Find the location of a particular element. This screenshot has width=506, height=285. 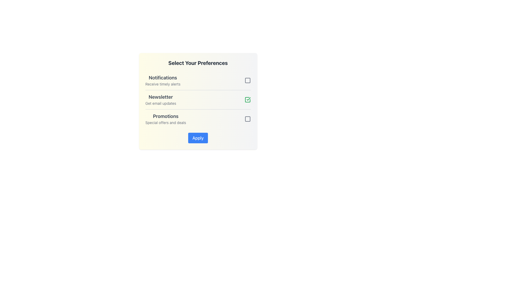

the label that serves as a header for the notification settings, located directly above the text 'Receive timely alerts' is located at coordinates (163, 78).